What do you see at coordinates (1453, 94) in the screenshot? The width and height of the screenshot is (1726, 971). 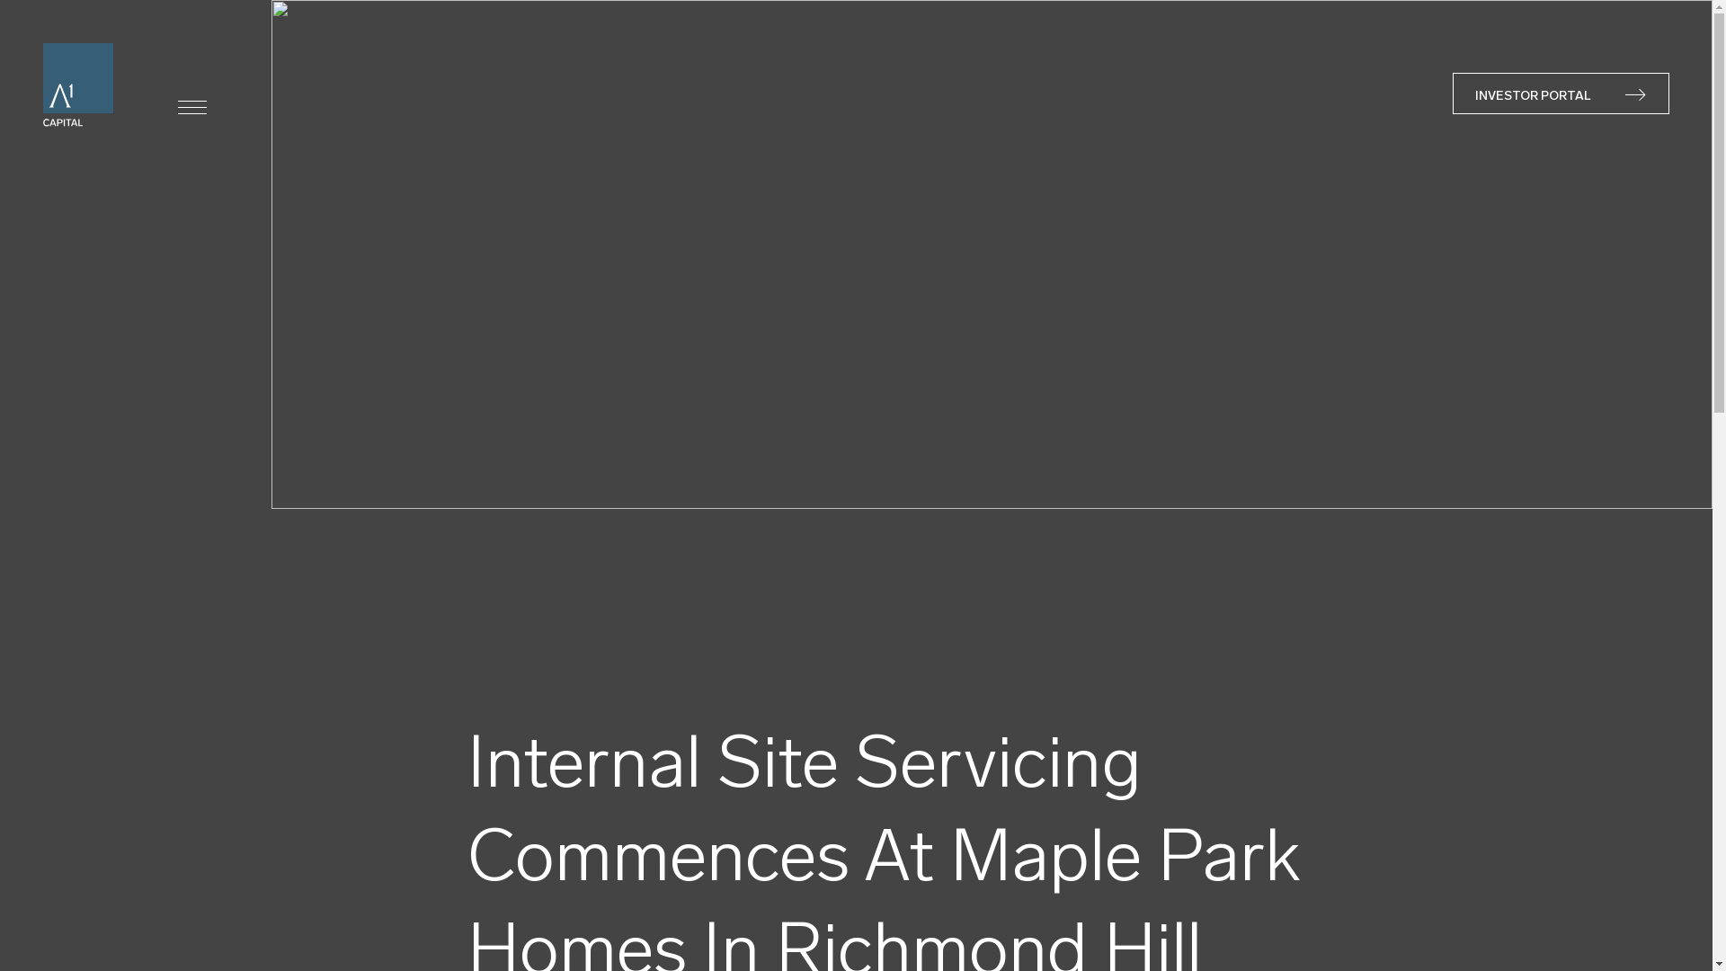 I see `'INVESTOR PORTAL'` at bounding box center [1453, 94].